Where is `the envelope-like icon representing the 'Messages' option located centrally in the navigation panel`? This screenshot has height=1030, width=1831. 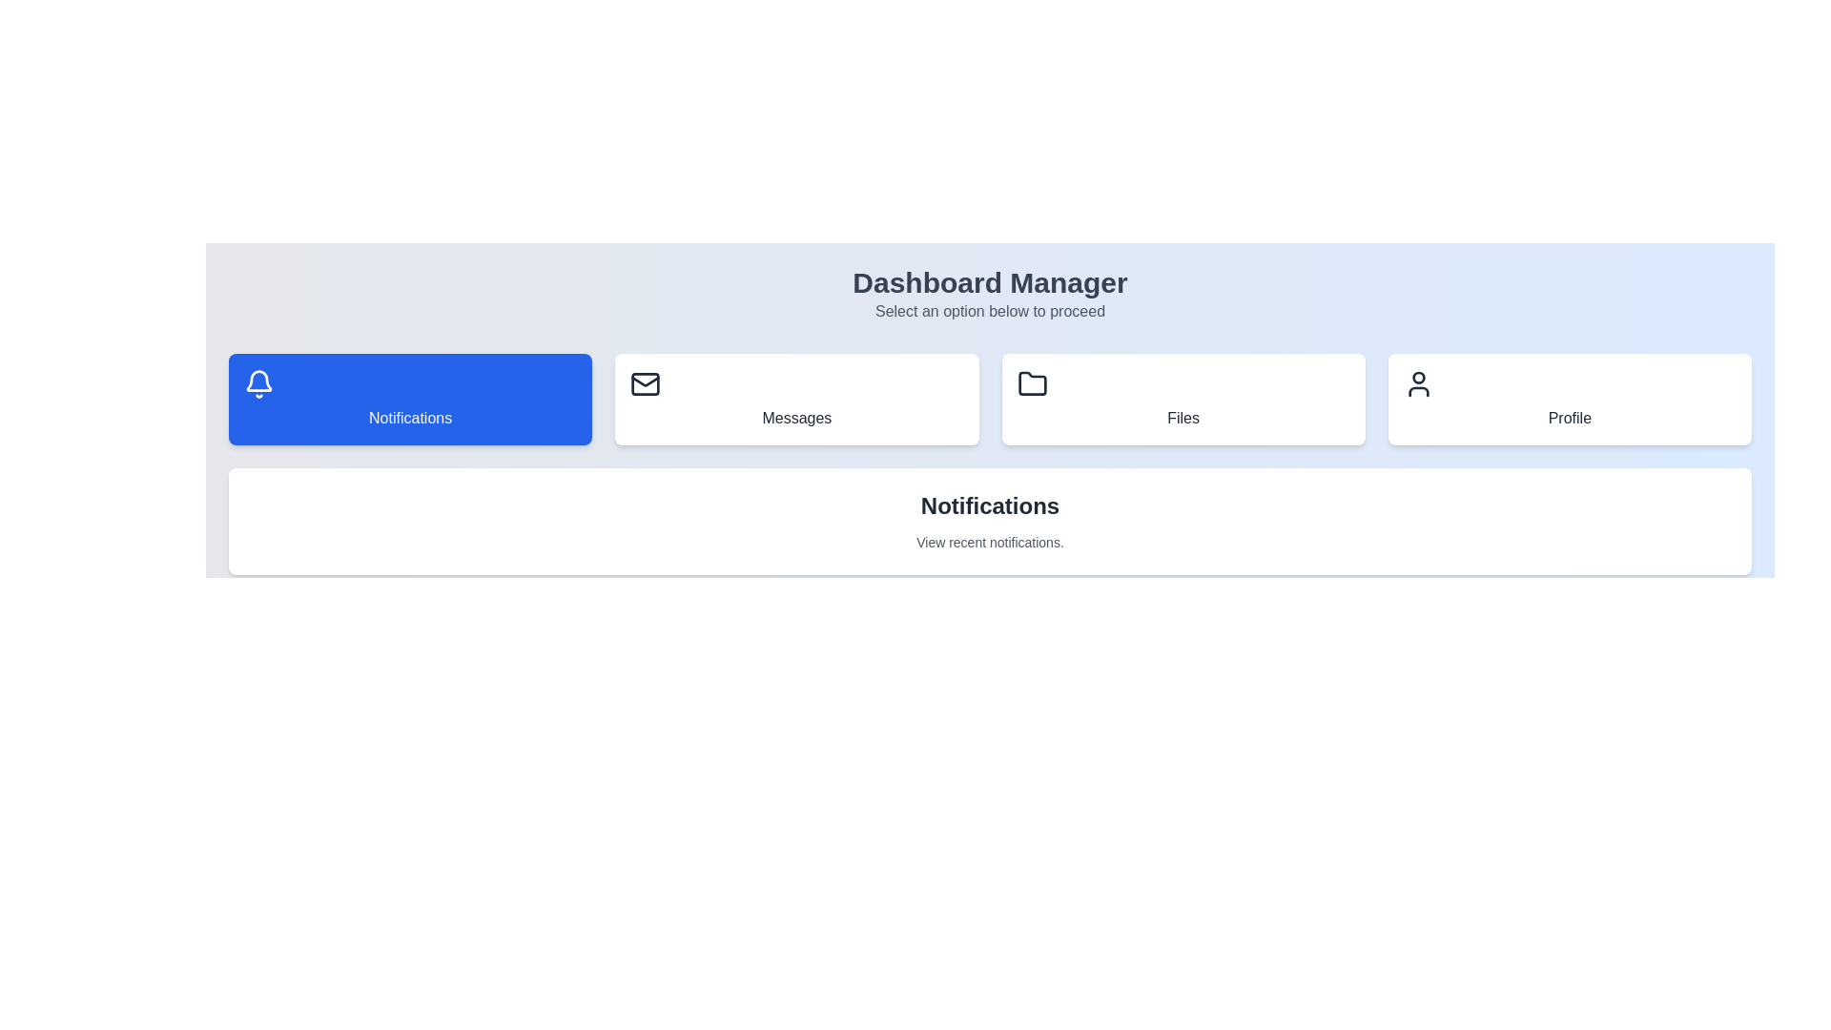 the envelope-like icon representing the 'Messages' option located centrally in the navigation panel is located at coordinates (646, 381).